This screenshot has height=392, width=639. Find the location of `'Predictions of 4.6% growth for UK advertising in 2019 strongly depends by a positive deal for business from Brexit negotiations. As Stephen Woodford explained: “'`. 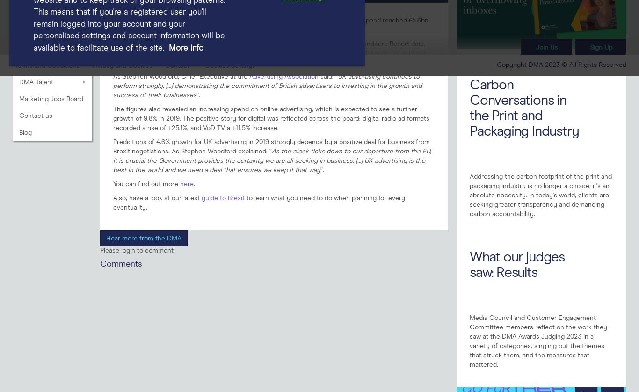

'Predictions of 4.6% growth for UK advertising in 2019 strongly depends by a positive deal for business from Brexit negotiations. As Stephen Woodford explained: “' is located at coordinates (271, 146).